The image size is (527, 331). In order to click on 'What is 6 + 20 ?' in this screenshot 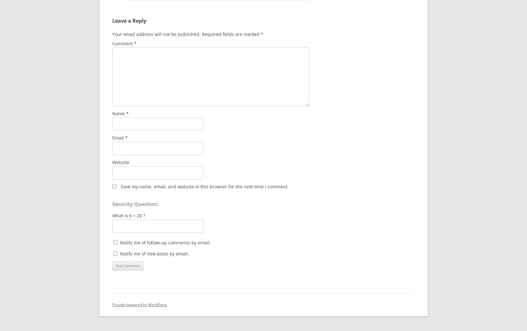, I will do `click(128, 215)`.